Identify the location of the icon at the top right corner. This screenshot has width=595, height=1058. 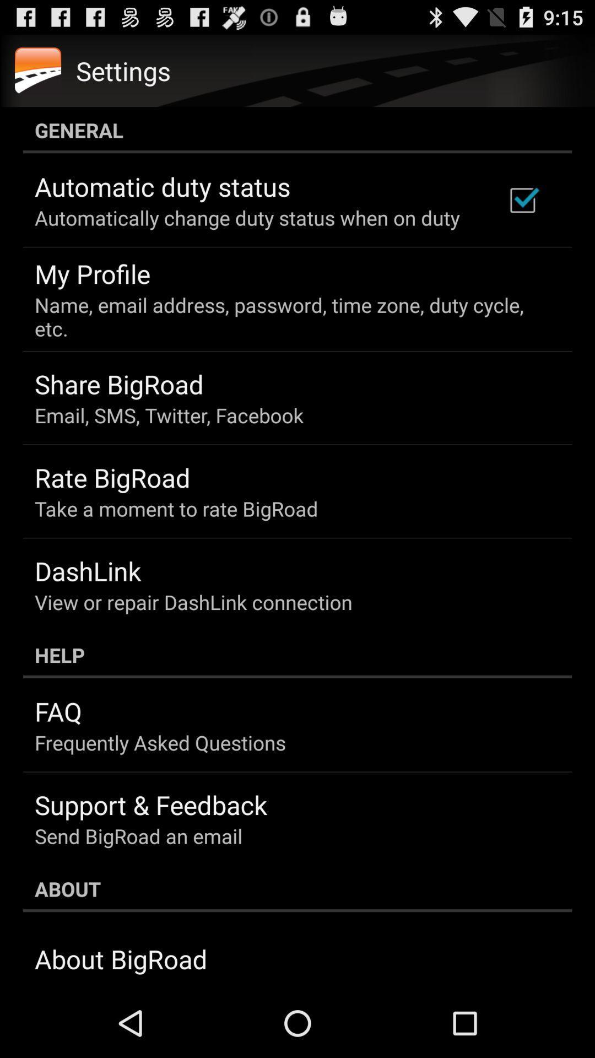
(522, 200).